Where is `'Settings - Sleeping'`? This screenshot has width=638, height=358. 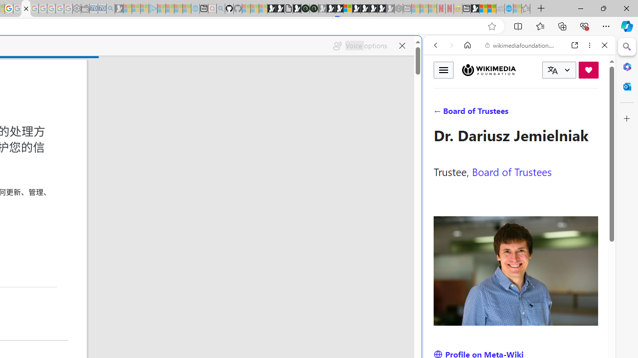 'Settings - Sleeping' is located at coordinates (76, 8).